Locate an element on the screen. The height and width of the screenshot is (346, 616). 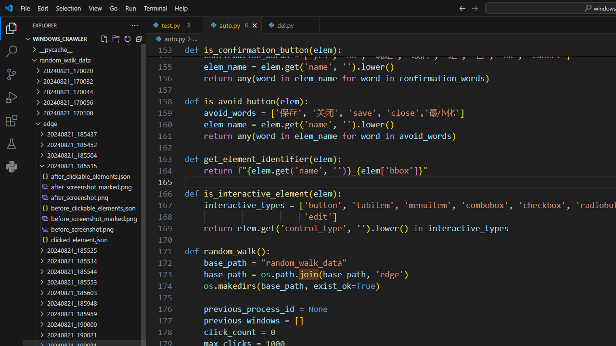
'Run' is located at coordinates (130, 8).